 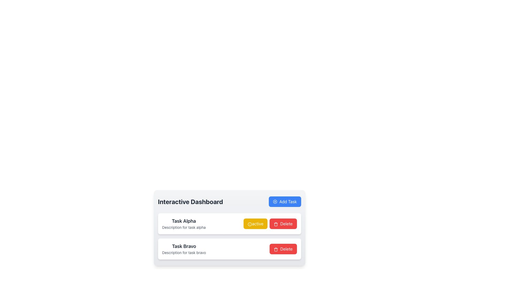 What do you see at coordinates (270, 224) in the screenshot?
I see `the 'Delete' button in the UI group containing two buttons within the card titled 'Task Alpha'` at bounding box center [270, 224].